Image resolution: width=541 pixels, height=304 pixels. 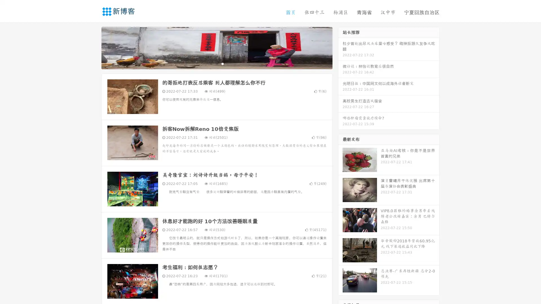 What do you see at coordinates (340, 47) in the screenshot?
I see `Next slide` at bounding box center [340, 47].